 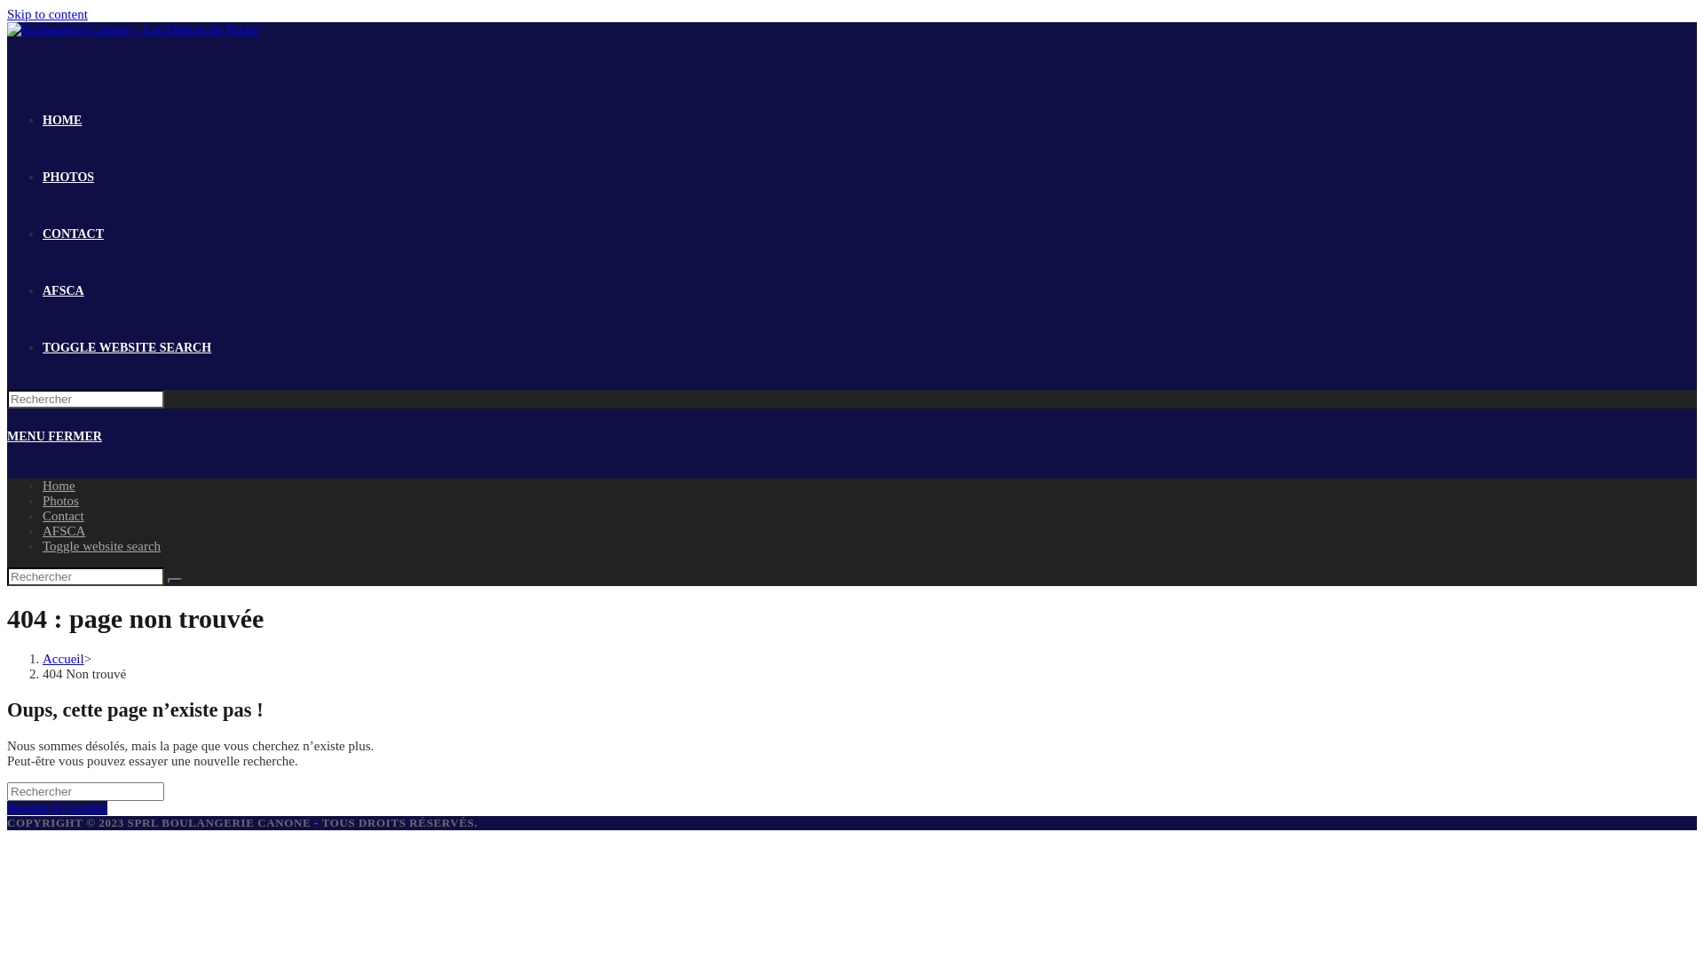 I want to click on 'Accueil', so click(x=63, y=658).